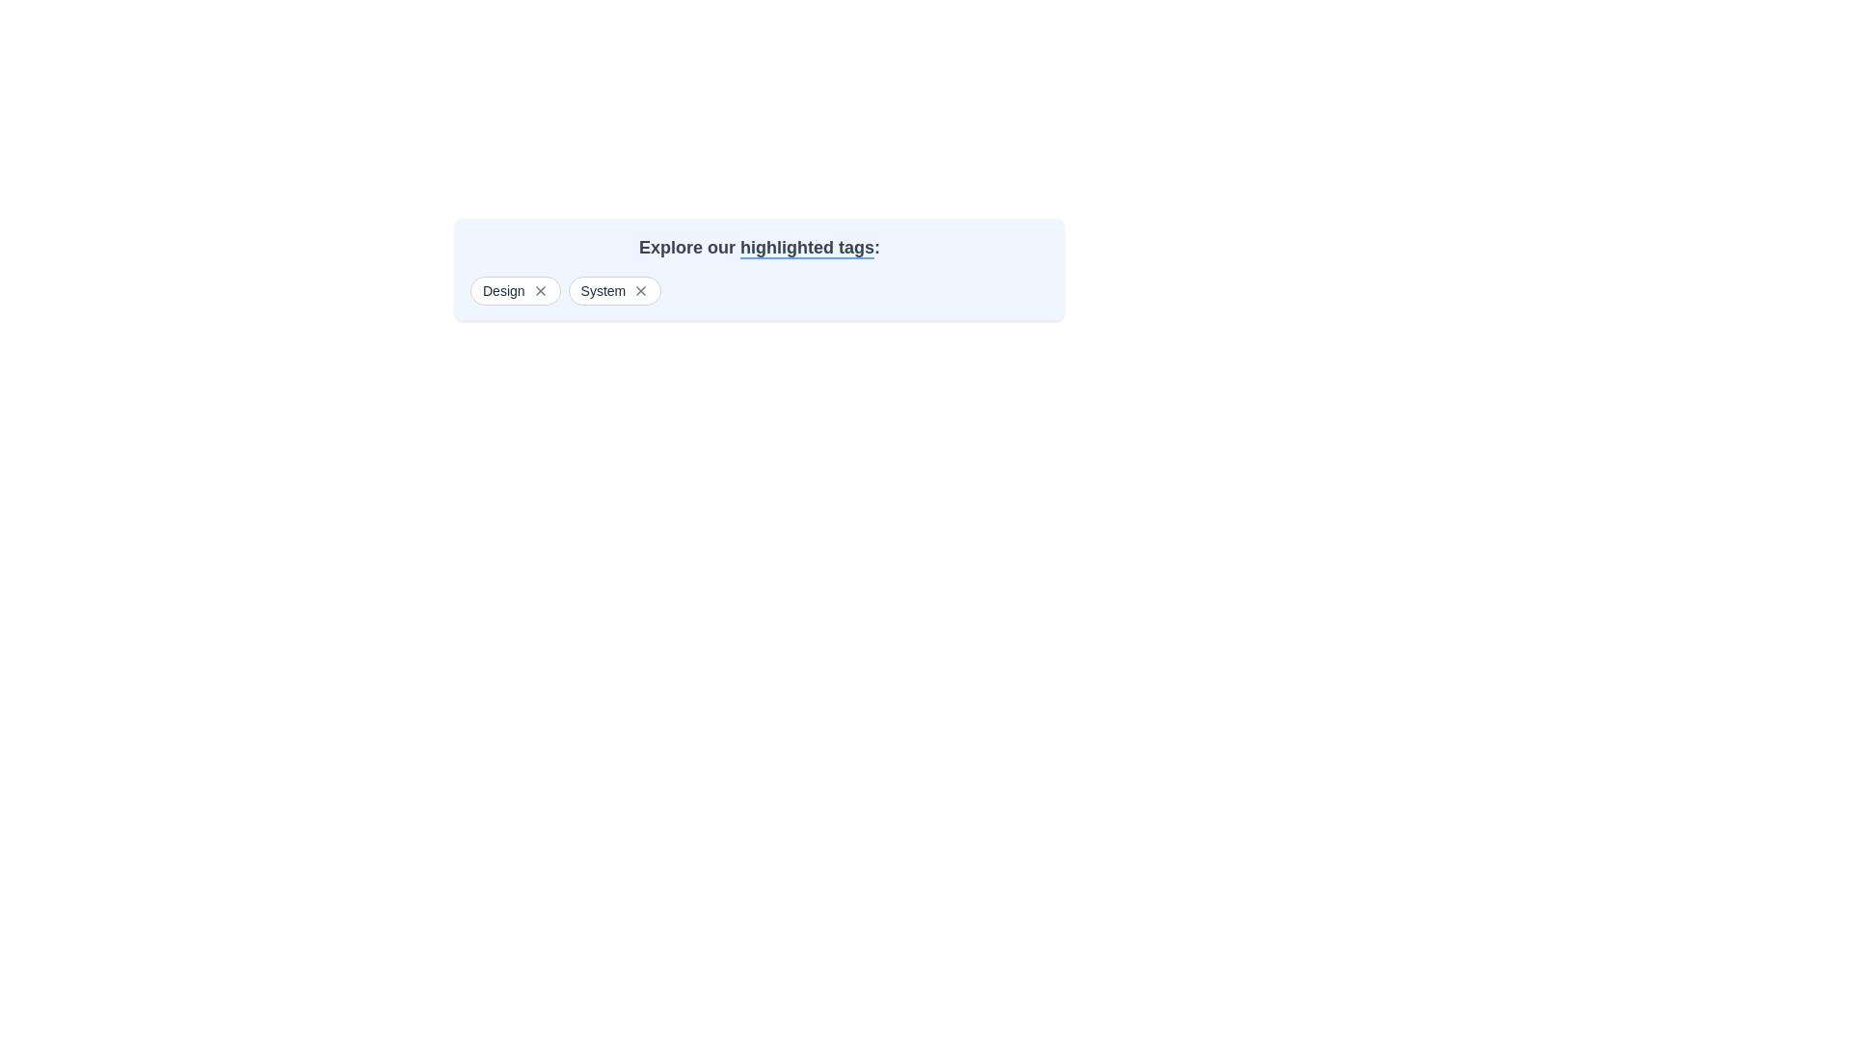 This screenshot has width=1851, height=1041. I want to click on the 'Design' tag with a close button, which is the first tag in the horizontal list of tags, to potentially see additional details or actions, so click(515, 290).